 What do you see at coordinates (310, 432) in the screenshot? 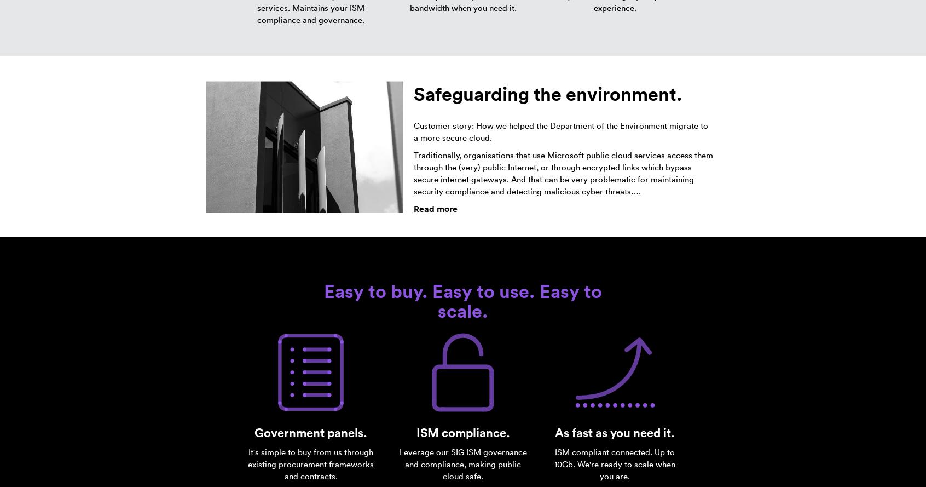
I see `'Government panels.'` at bounding box center [310, 432].